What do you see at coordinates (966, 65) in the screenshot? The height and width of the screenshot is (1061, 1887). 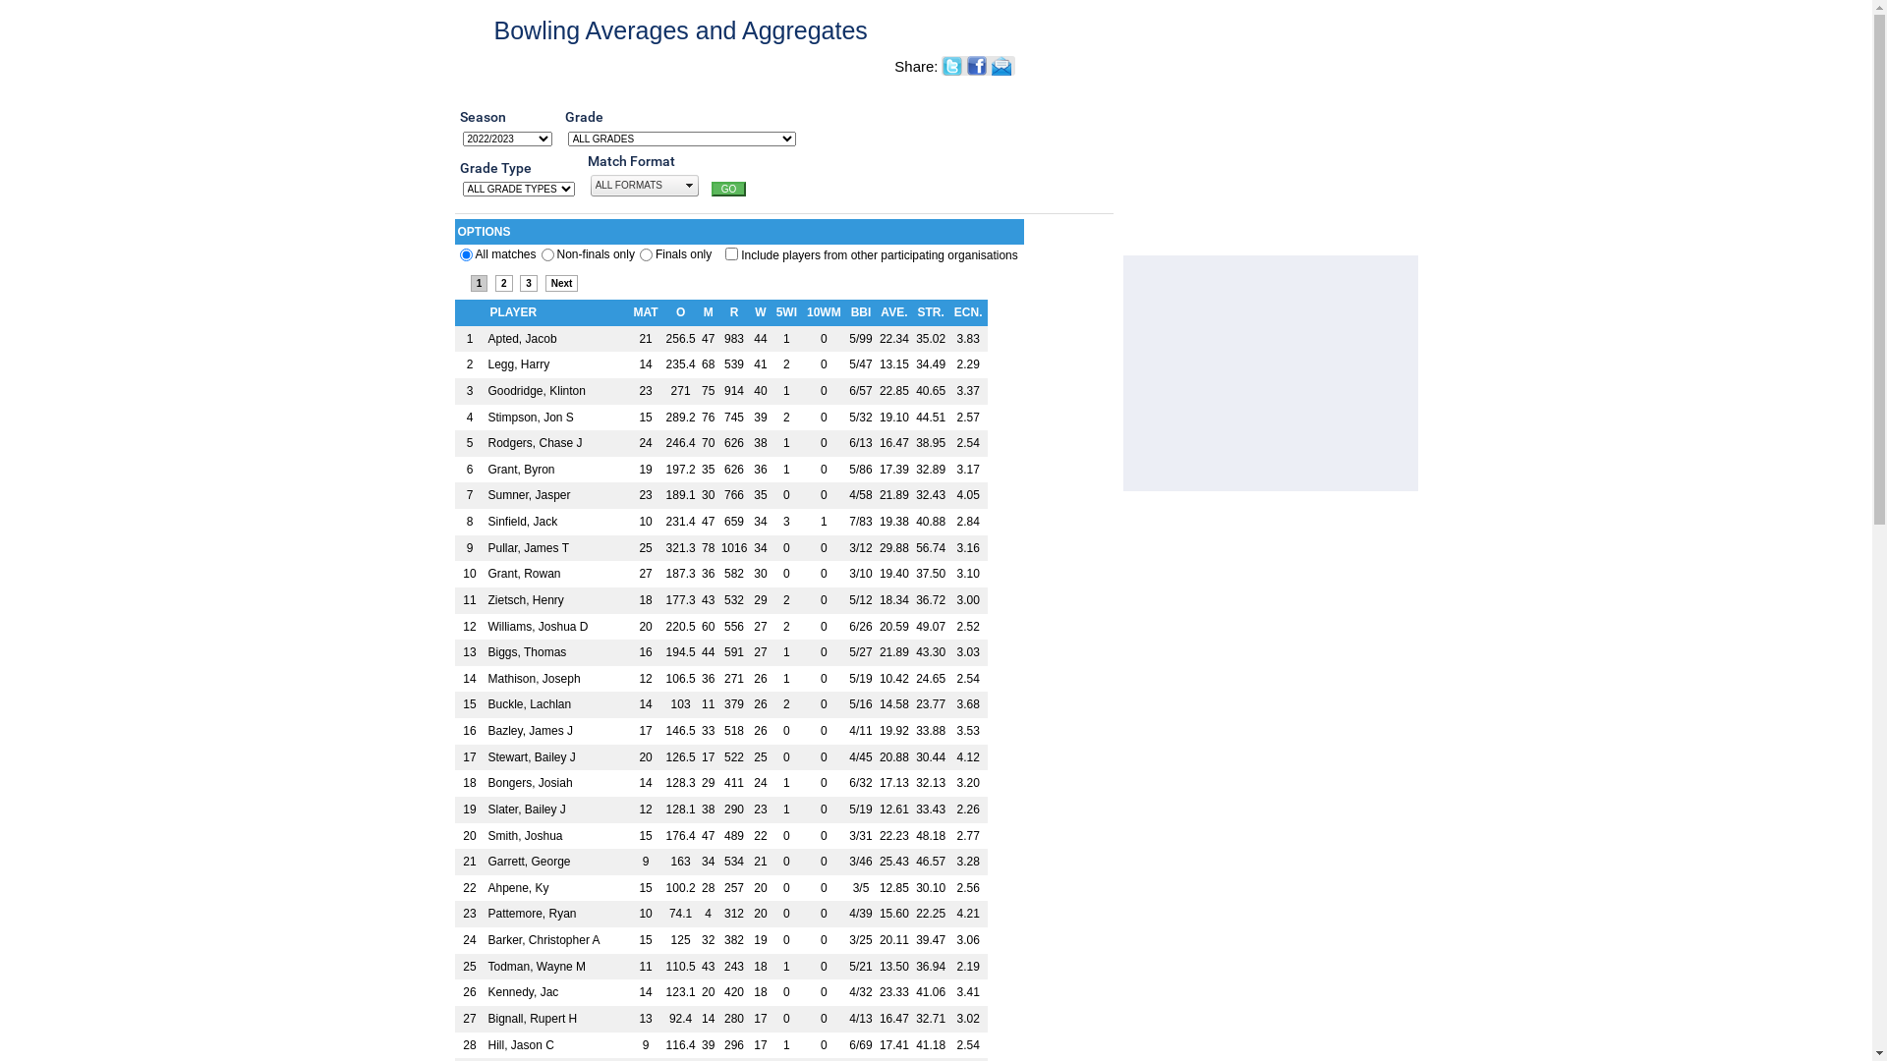 I see `'Share on Facebook'` at bounding box center [966, 65].